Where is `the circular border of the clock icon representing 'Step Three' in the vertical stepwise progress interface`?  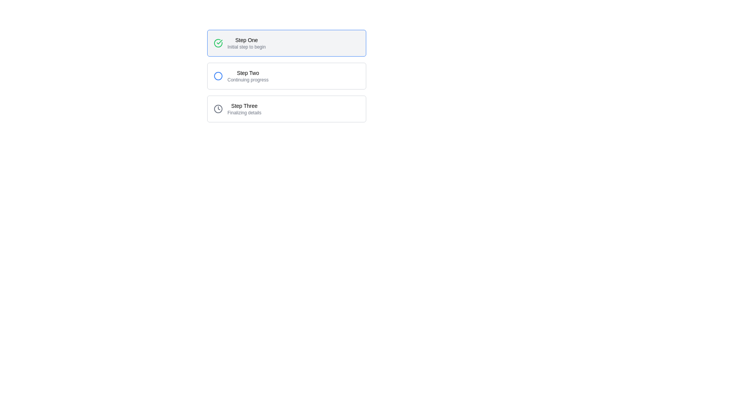 the circular border of the clock icon representing 'Step Three' in the vertical stepwise progress interface is located at coordinates (218, 109).